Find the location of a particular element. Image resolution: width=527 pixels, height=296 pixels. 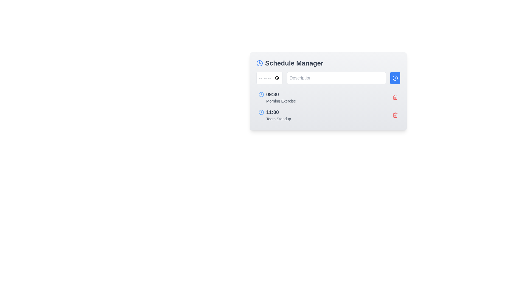

the static label with the clock icon and the time label '11:00' representing a calendar event, which is the second entry in the Schedule Manager interface is located at coordinates (275, 115).